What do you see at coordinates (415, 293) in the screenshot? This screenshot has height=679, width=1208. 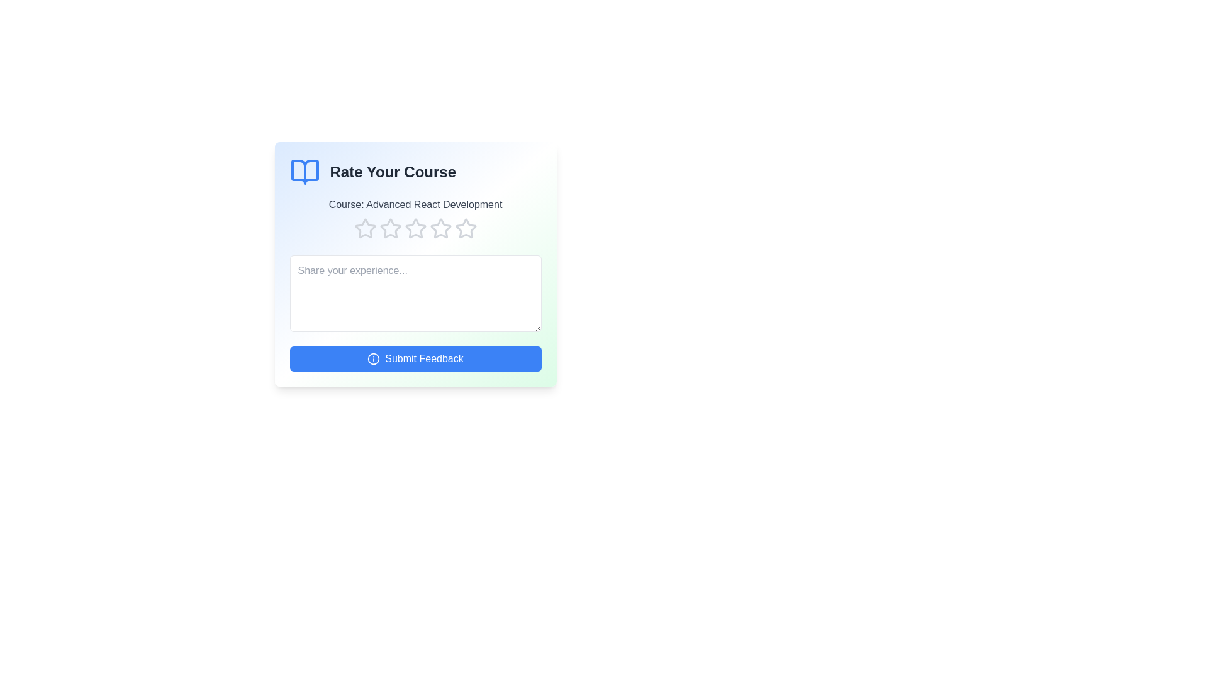 I see `the text area and type the feedback text` at bounding box center [415, 293].